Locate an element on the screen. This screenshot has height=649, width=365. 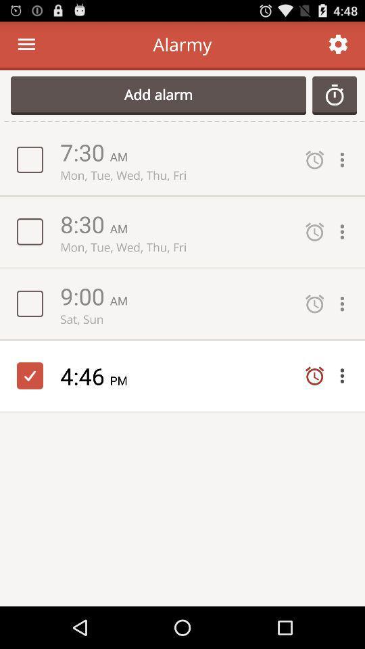
more options 7:30 am is located at coordinates (345, 160).